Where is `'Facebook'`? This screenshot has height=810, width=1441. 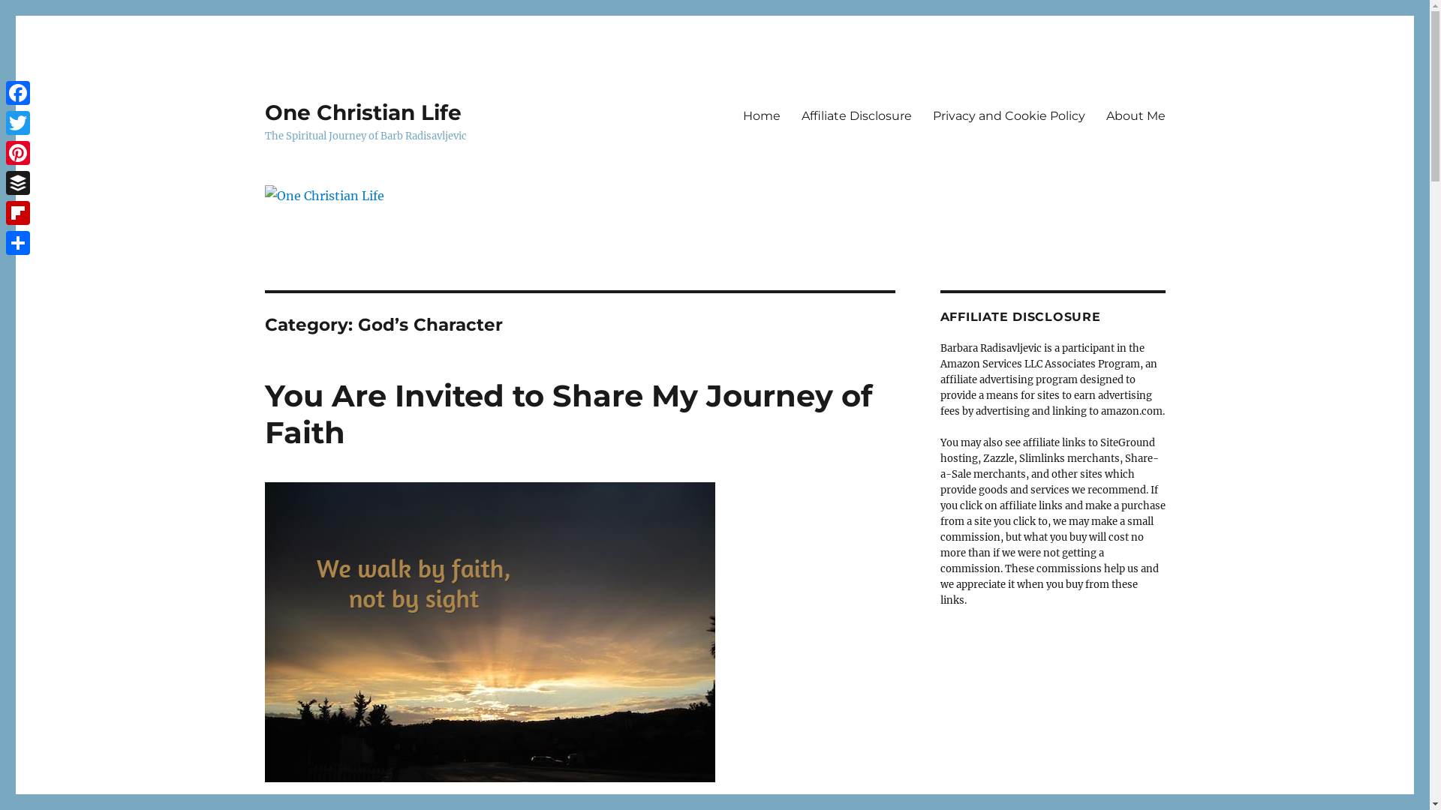 'Facebook' is located at coordinates (18, 92).